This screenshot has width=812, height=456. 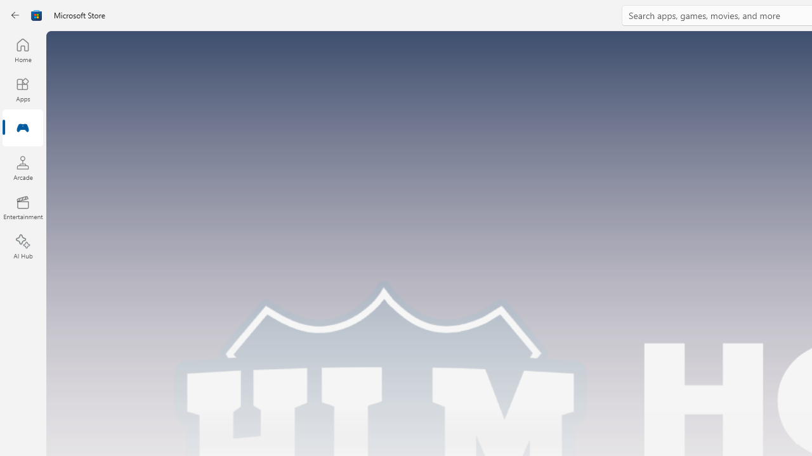 I want to click on 'Back', so click(x=15, y=15).